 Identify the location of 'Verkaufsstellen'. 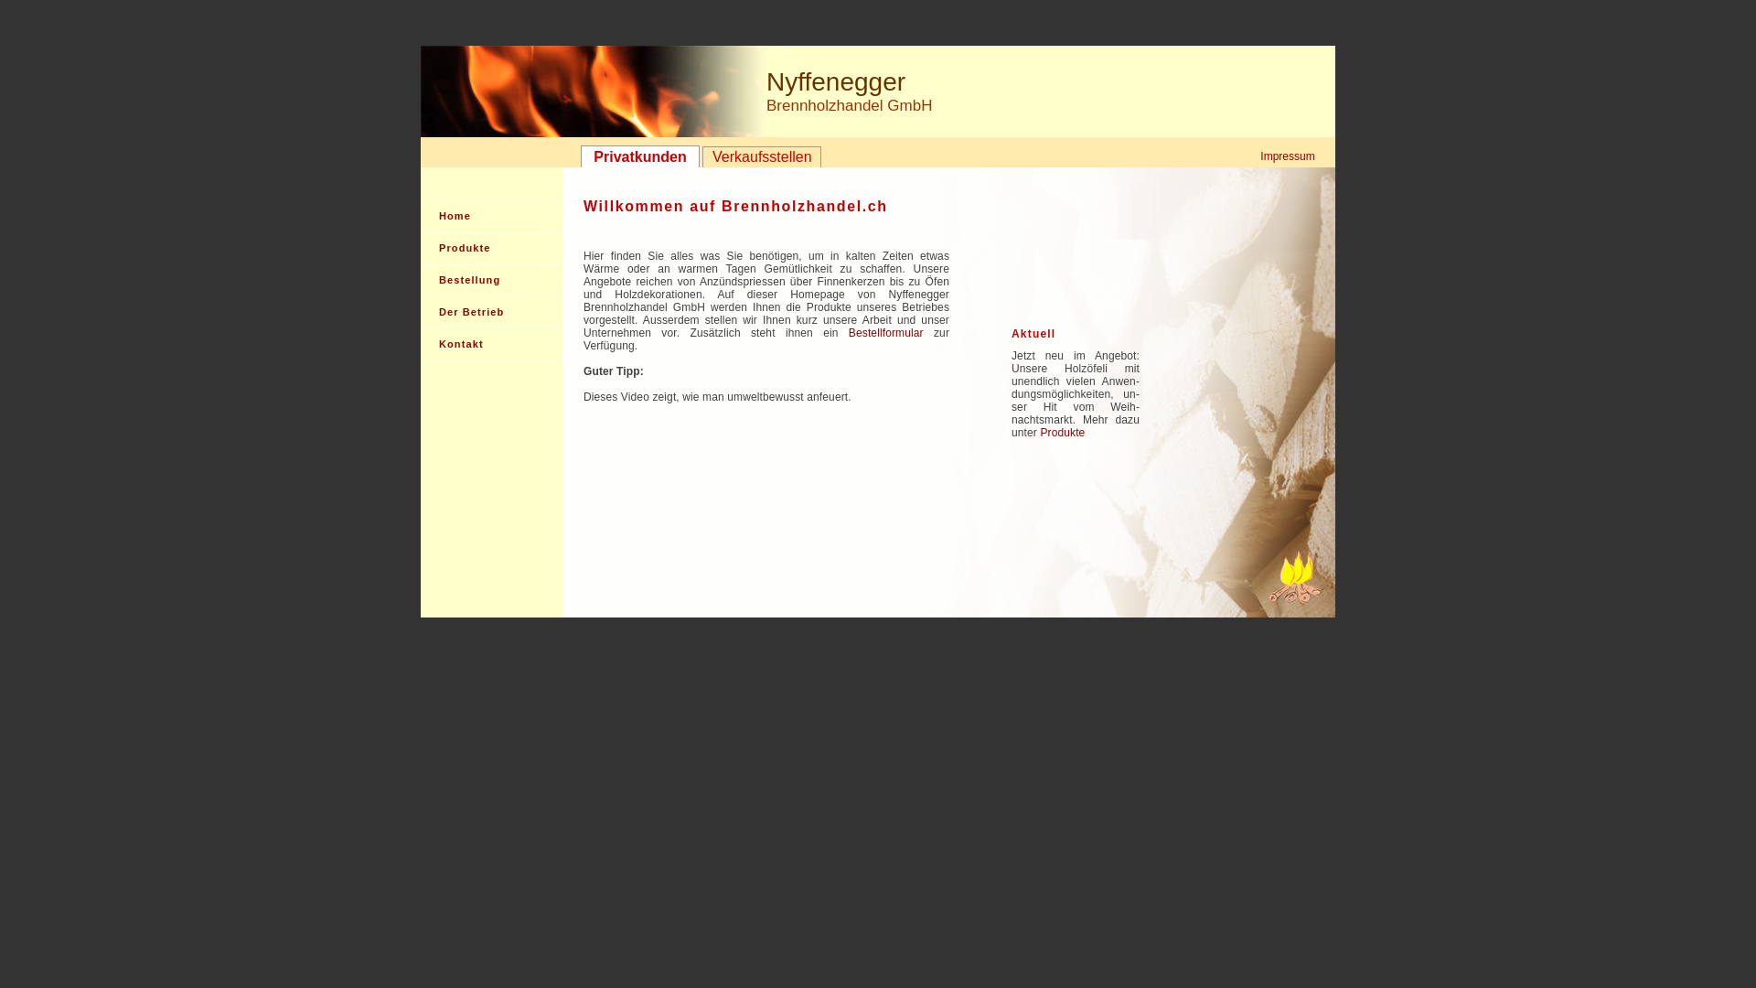
(762, 156).